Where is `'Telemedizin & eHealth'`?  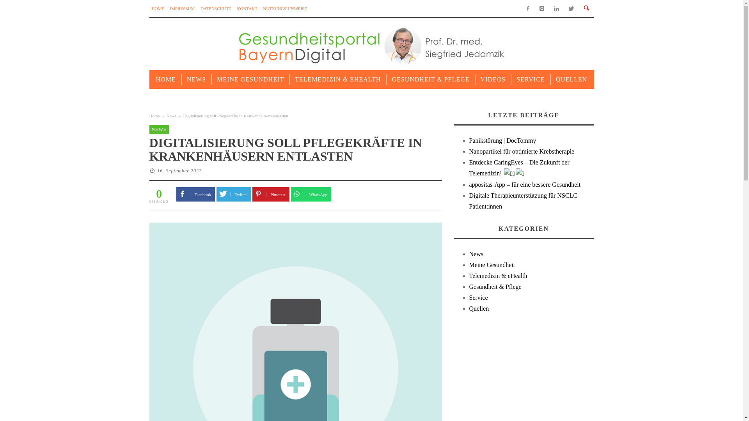
'Telemedizin & eHealth' is located at coordinates (497, 275).